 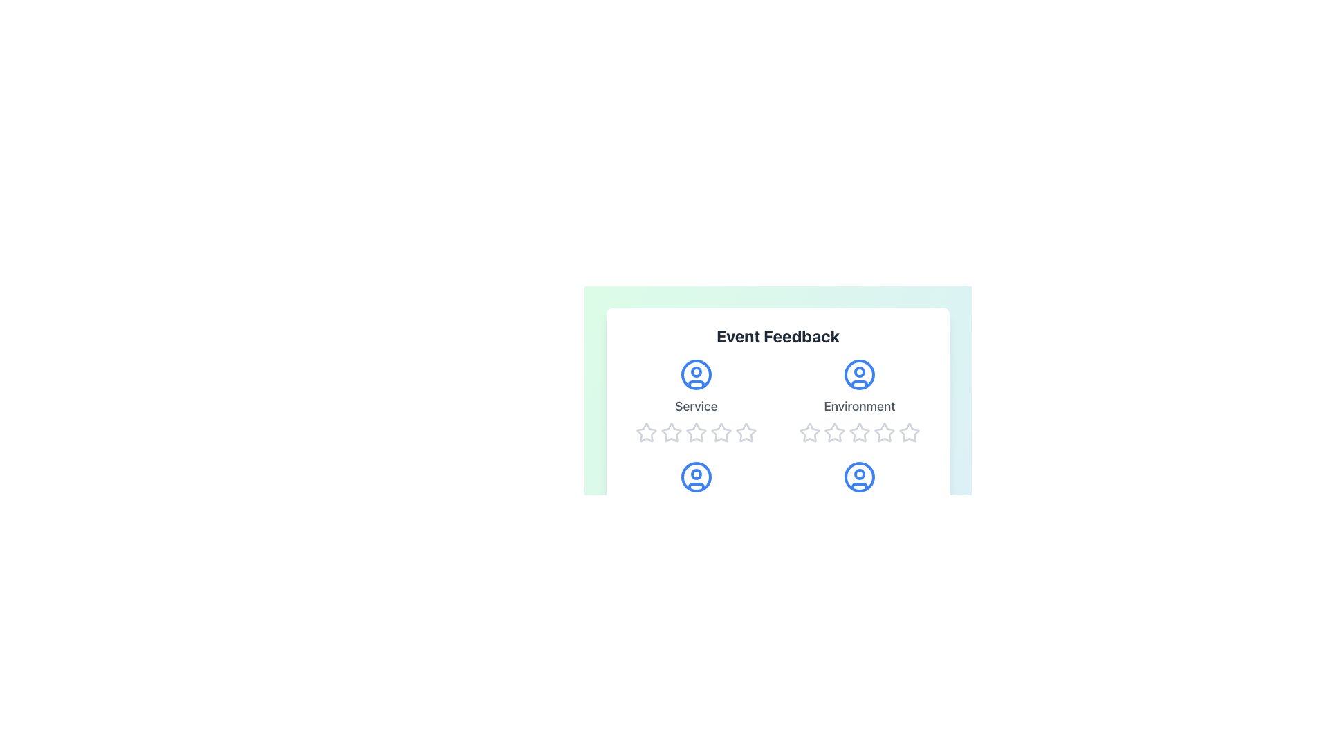 I want to click on the fifth star icon for rating in the feedback section under 'Environment', so click(x=910, y=432).